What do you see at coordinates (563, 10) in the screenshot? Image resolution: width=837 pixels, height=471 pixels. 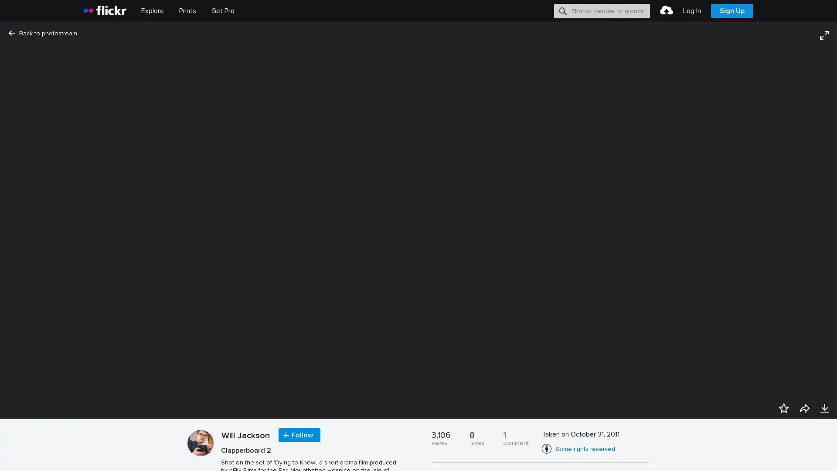 I see `Search` at bounding box center [563, 10].